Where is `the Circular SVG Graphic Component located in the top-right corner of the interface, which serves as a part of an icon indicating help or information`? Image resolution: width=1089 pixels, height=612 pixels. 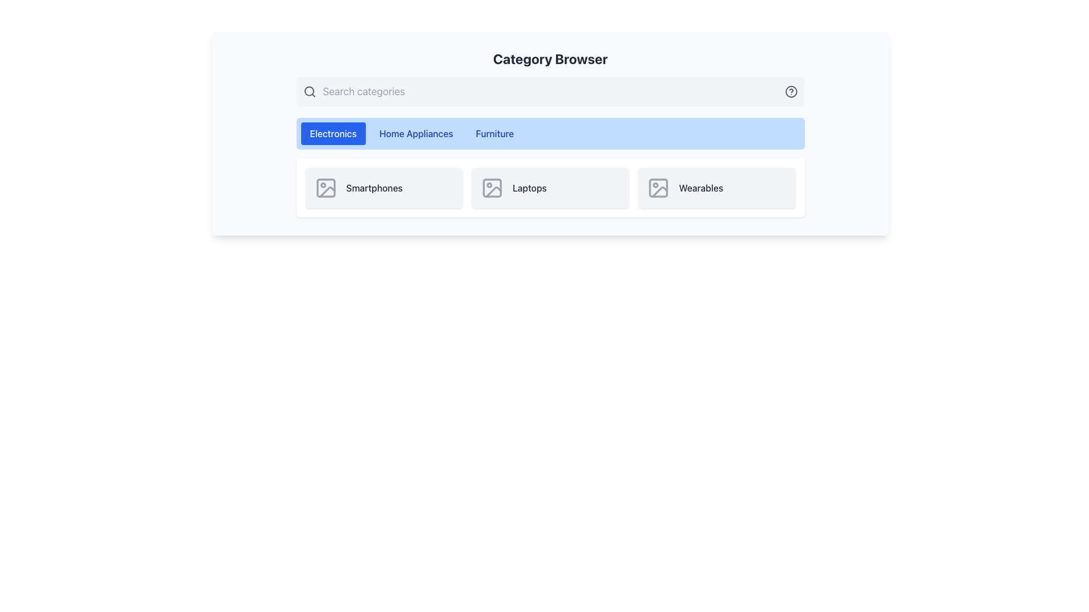 the Circular SVG Graphic Component located in the top-right corner of the interface, which serves as a part of an icon indicating help or information is located at coordinates (791, 91).